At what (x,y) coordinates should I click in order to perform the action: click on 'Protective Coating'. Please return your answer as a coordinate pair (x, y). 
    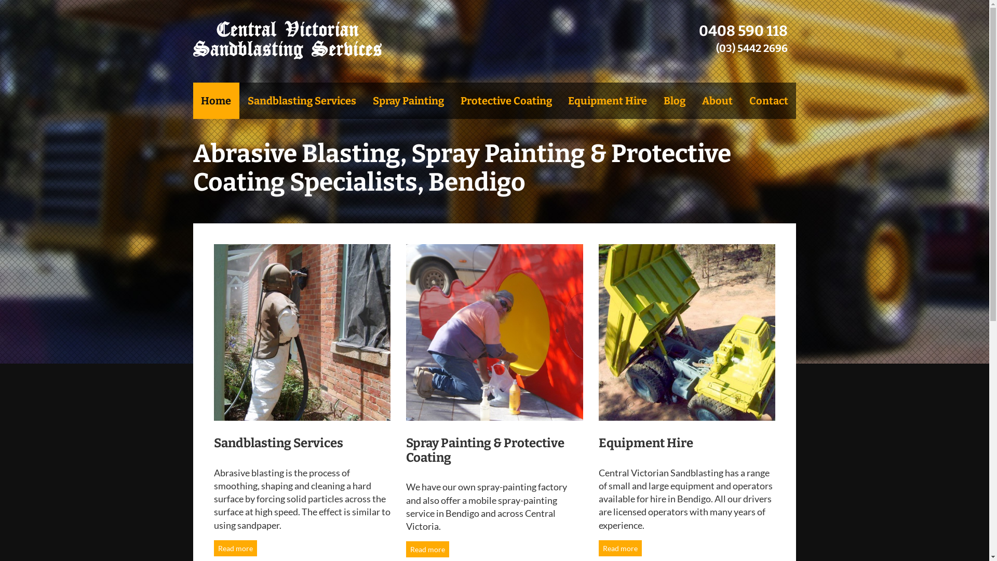
    Looking at the image, I should click on (452, 100).